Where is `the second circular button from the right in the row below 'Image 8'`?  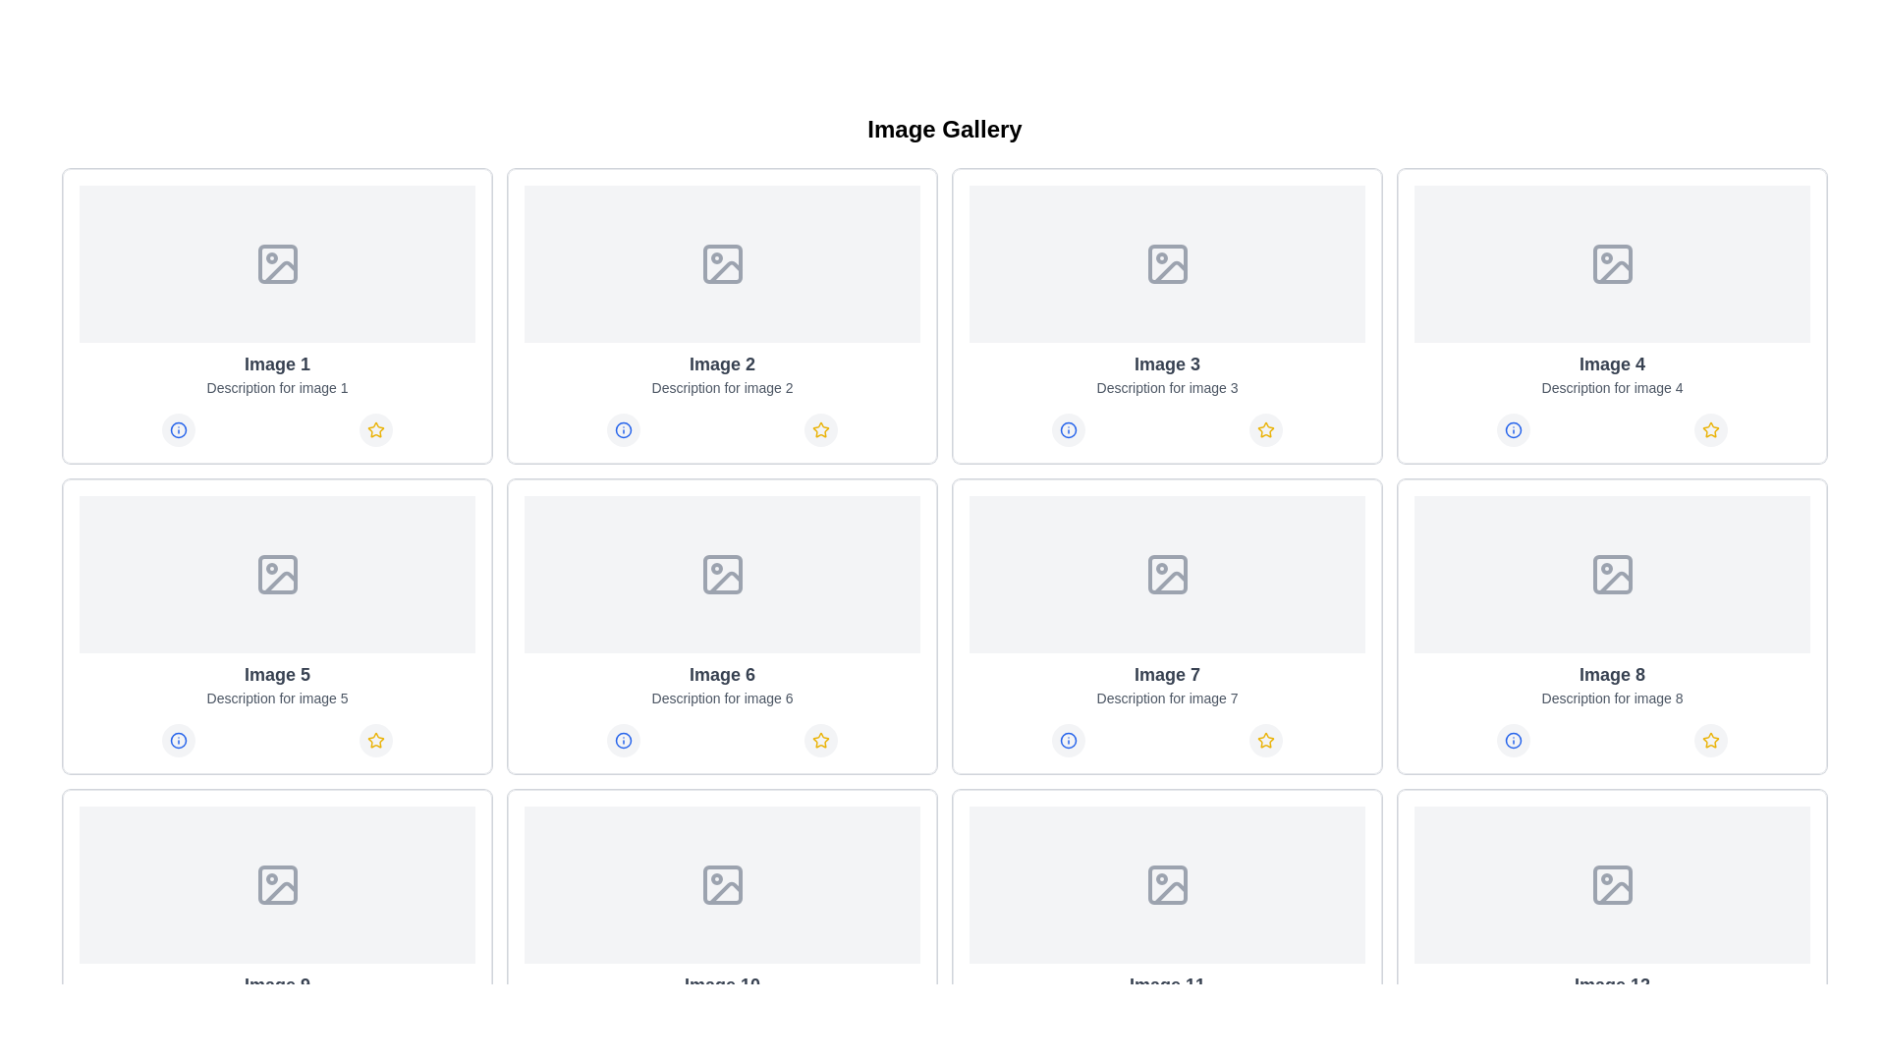 the second circular button from the right in the row below 'Image 8' is located at coordinates (1710, 740).